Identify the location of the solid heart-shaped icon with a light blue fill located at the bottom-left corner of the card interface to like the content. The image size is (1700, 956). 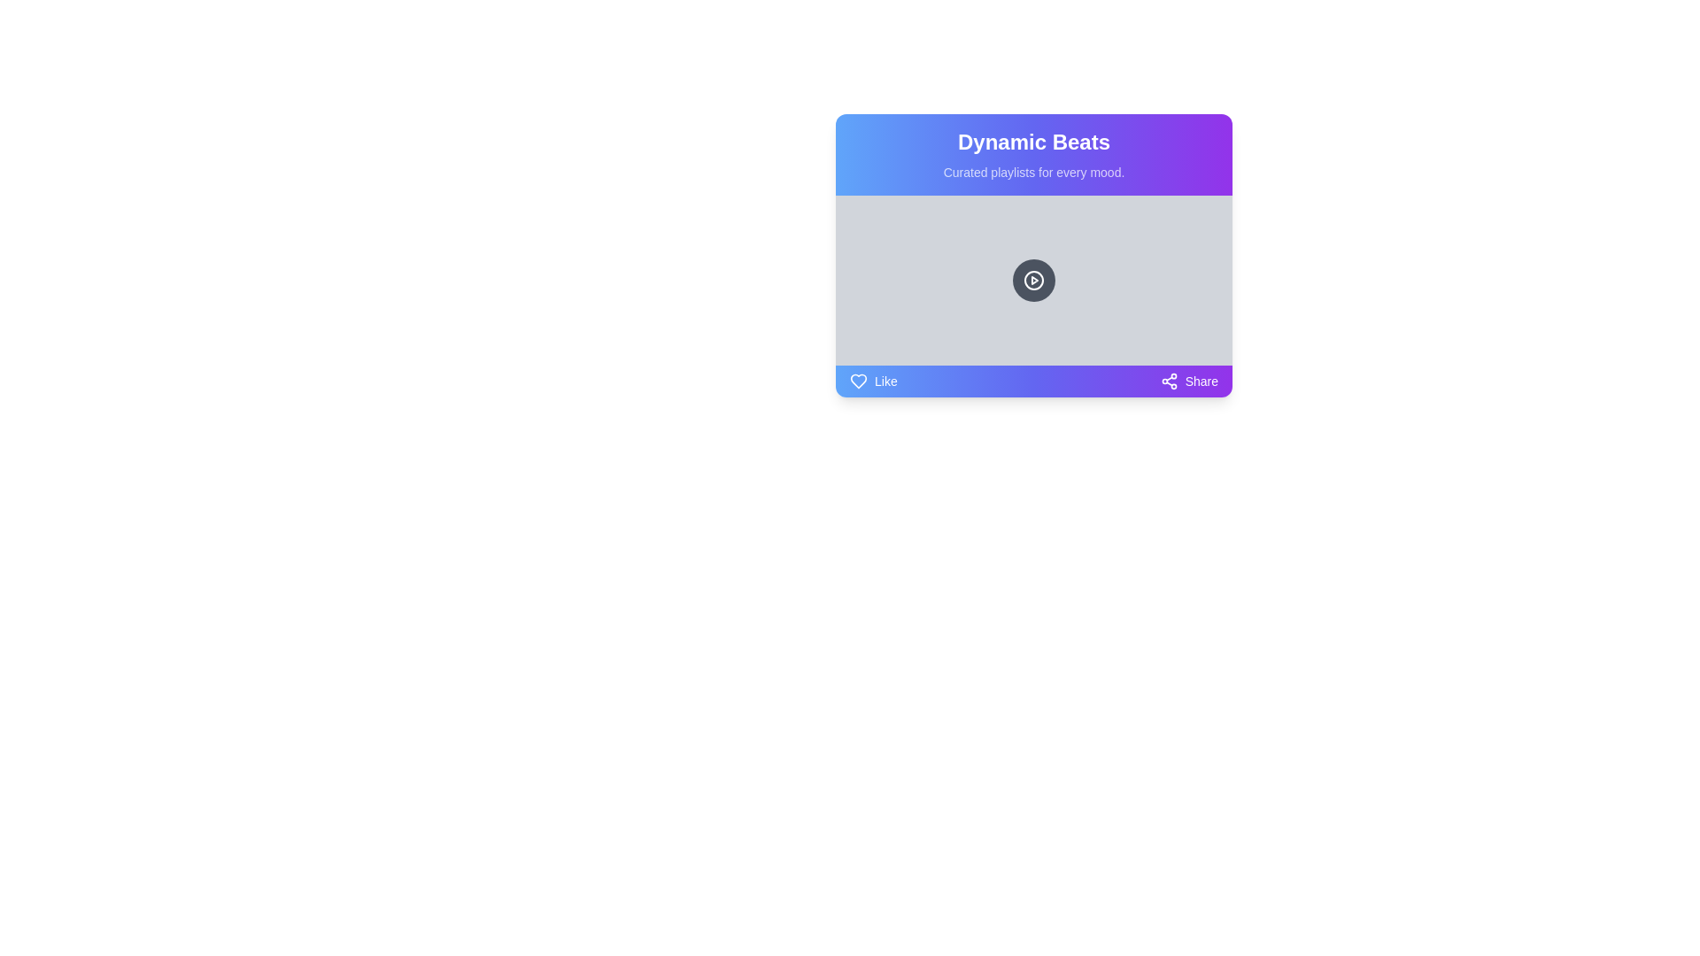
(858, 381).